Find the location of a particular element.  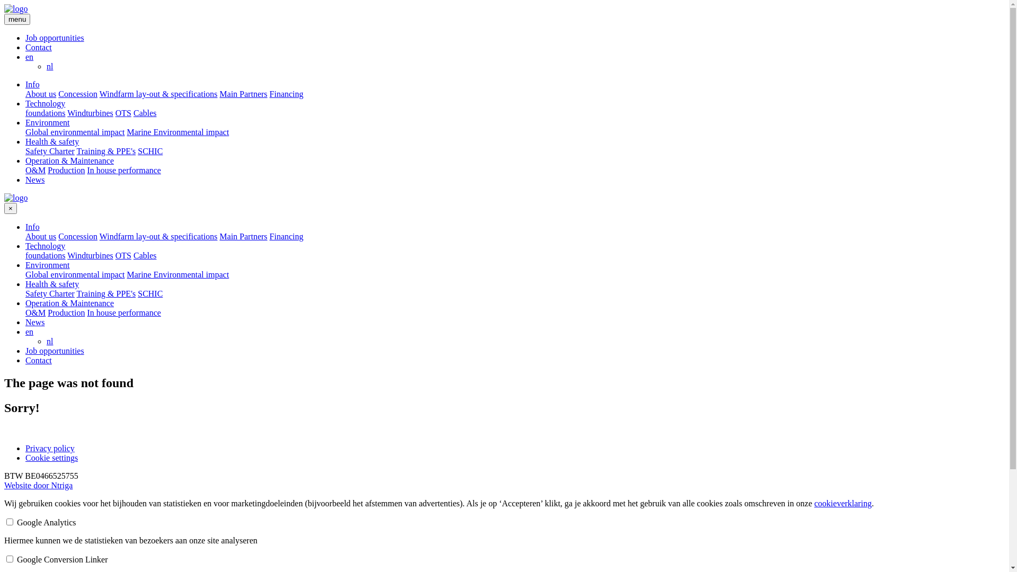

'Technology' is located at coordinates (25, 103).